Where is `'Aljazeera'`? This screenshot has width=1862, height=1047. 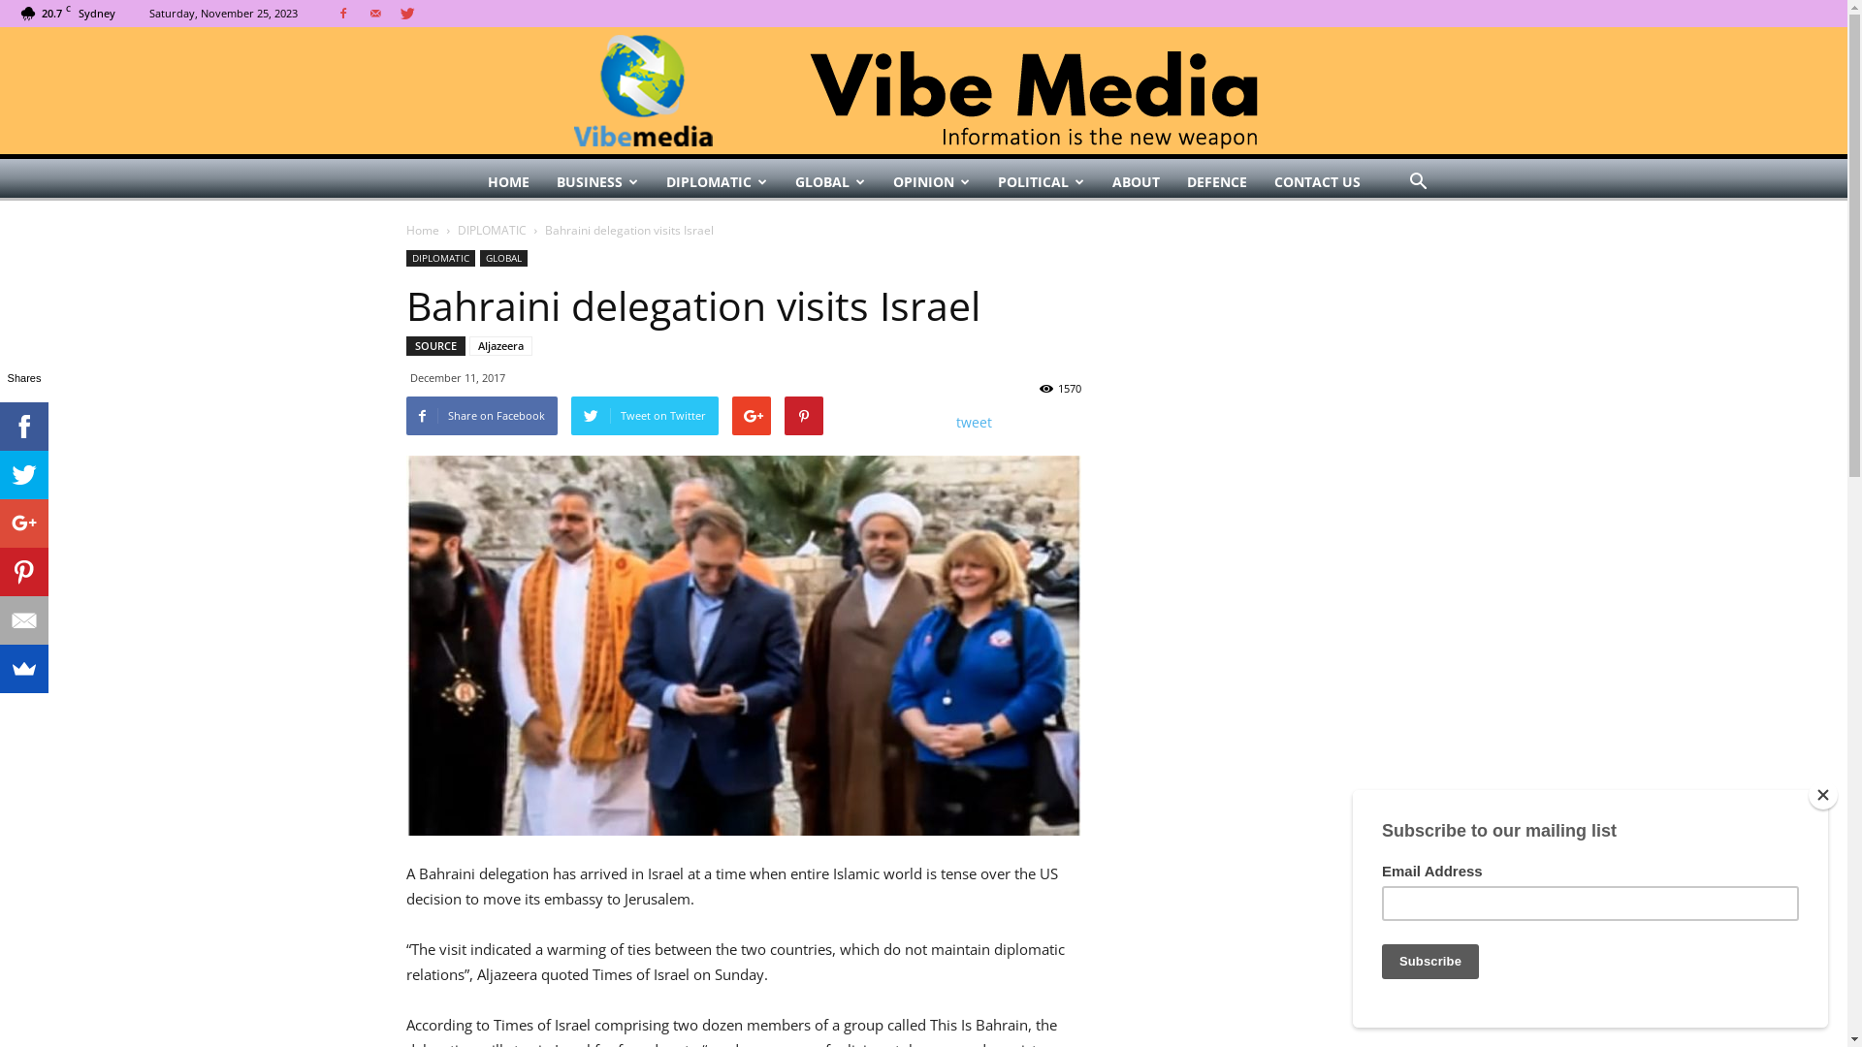 'Aljazeera' is located at coordinates (500, 345).